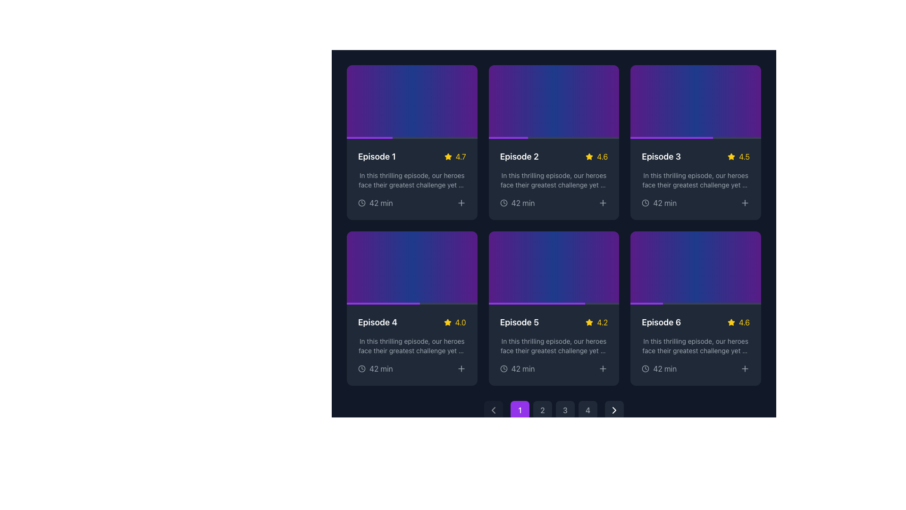 The height and width of the screenshot is (510, 906). What do you see at coordinates (596, 322) in the screenshot?
I see `the rating display element that consists of a yellow star icon followed by the text '4.2' in yellow font, located on the right side of the 'Episode 5' card` at bounding box center [596, 322].